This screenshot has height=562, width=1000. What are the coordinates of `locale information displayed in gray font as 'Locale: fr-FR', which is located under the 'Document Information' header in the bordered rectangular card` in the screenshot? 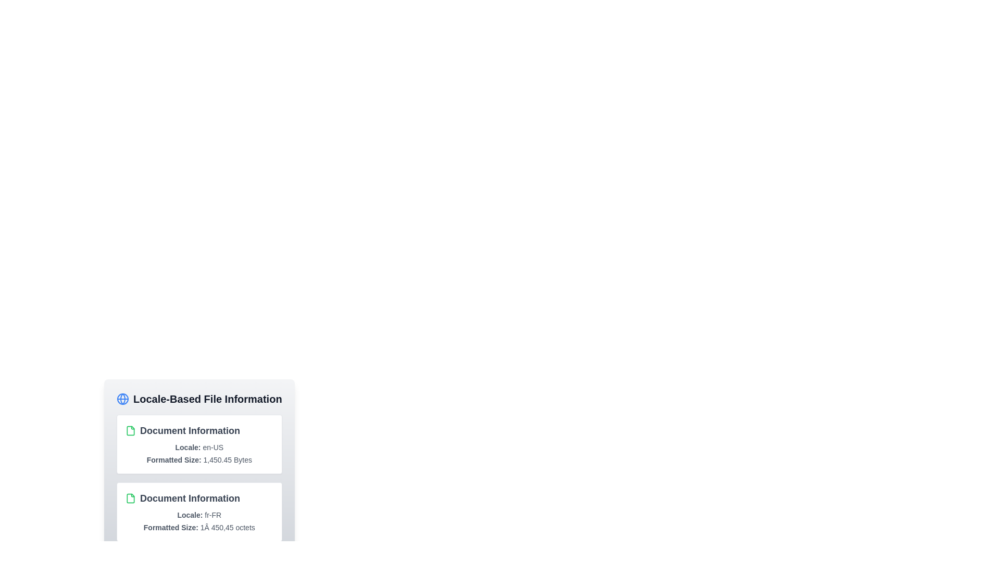 It's located at (199, 515).